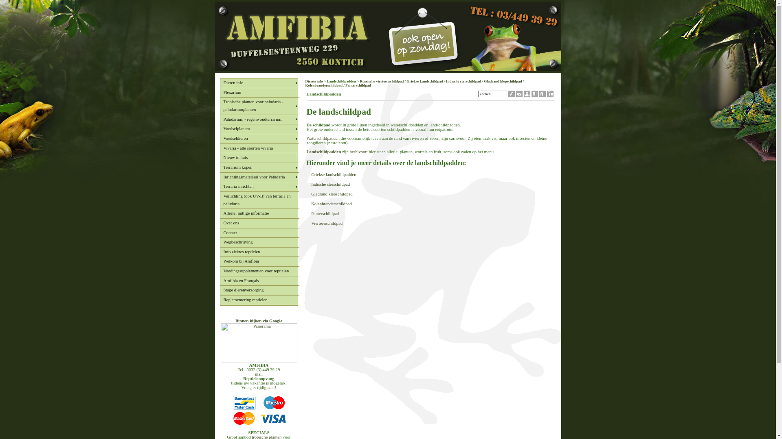  I want to click on 'Flexarium', so click(220, 92).